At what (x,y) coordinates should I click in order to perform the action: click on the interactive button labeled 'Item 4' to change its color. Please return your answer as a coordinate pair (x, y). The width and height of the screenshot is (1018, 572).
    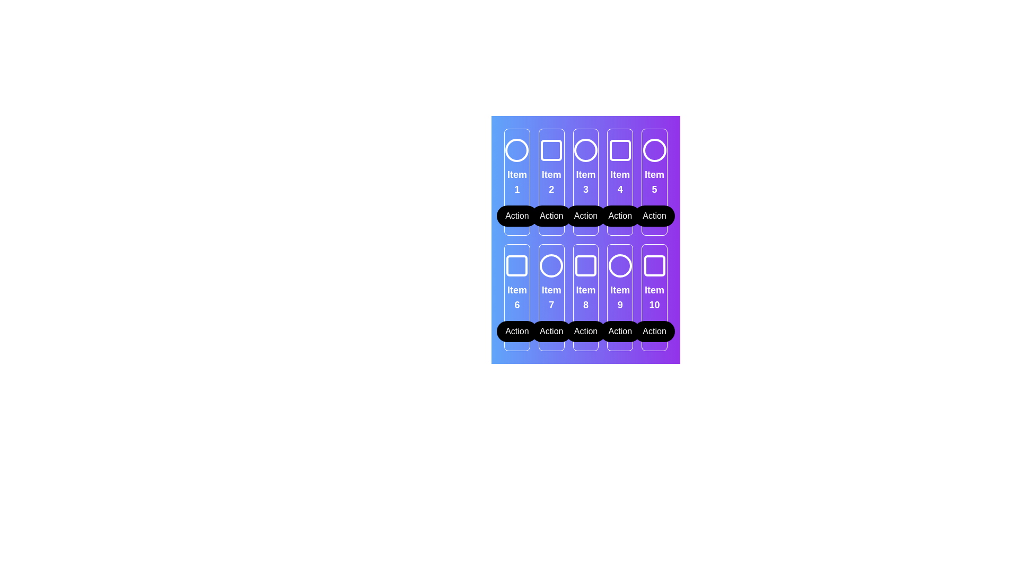
    Looking at the image, I should click on (620, 216).